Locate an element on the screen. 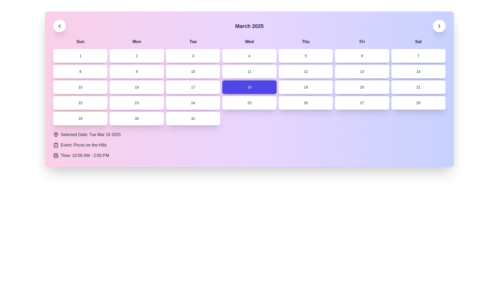  the selectable date button located is located at coordinates (137, 103).